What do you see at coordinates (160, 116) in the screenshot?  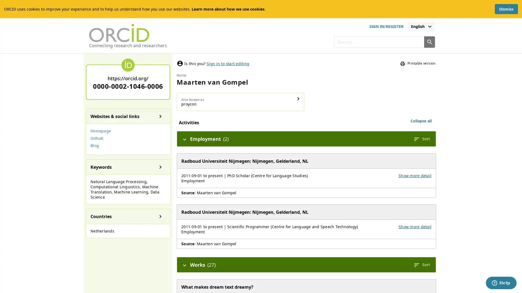 I see `Show details` at bounding box center [160, 116].